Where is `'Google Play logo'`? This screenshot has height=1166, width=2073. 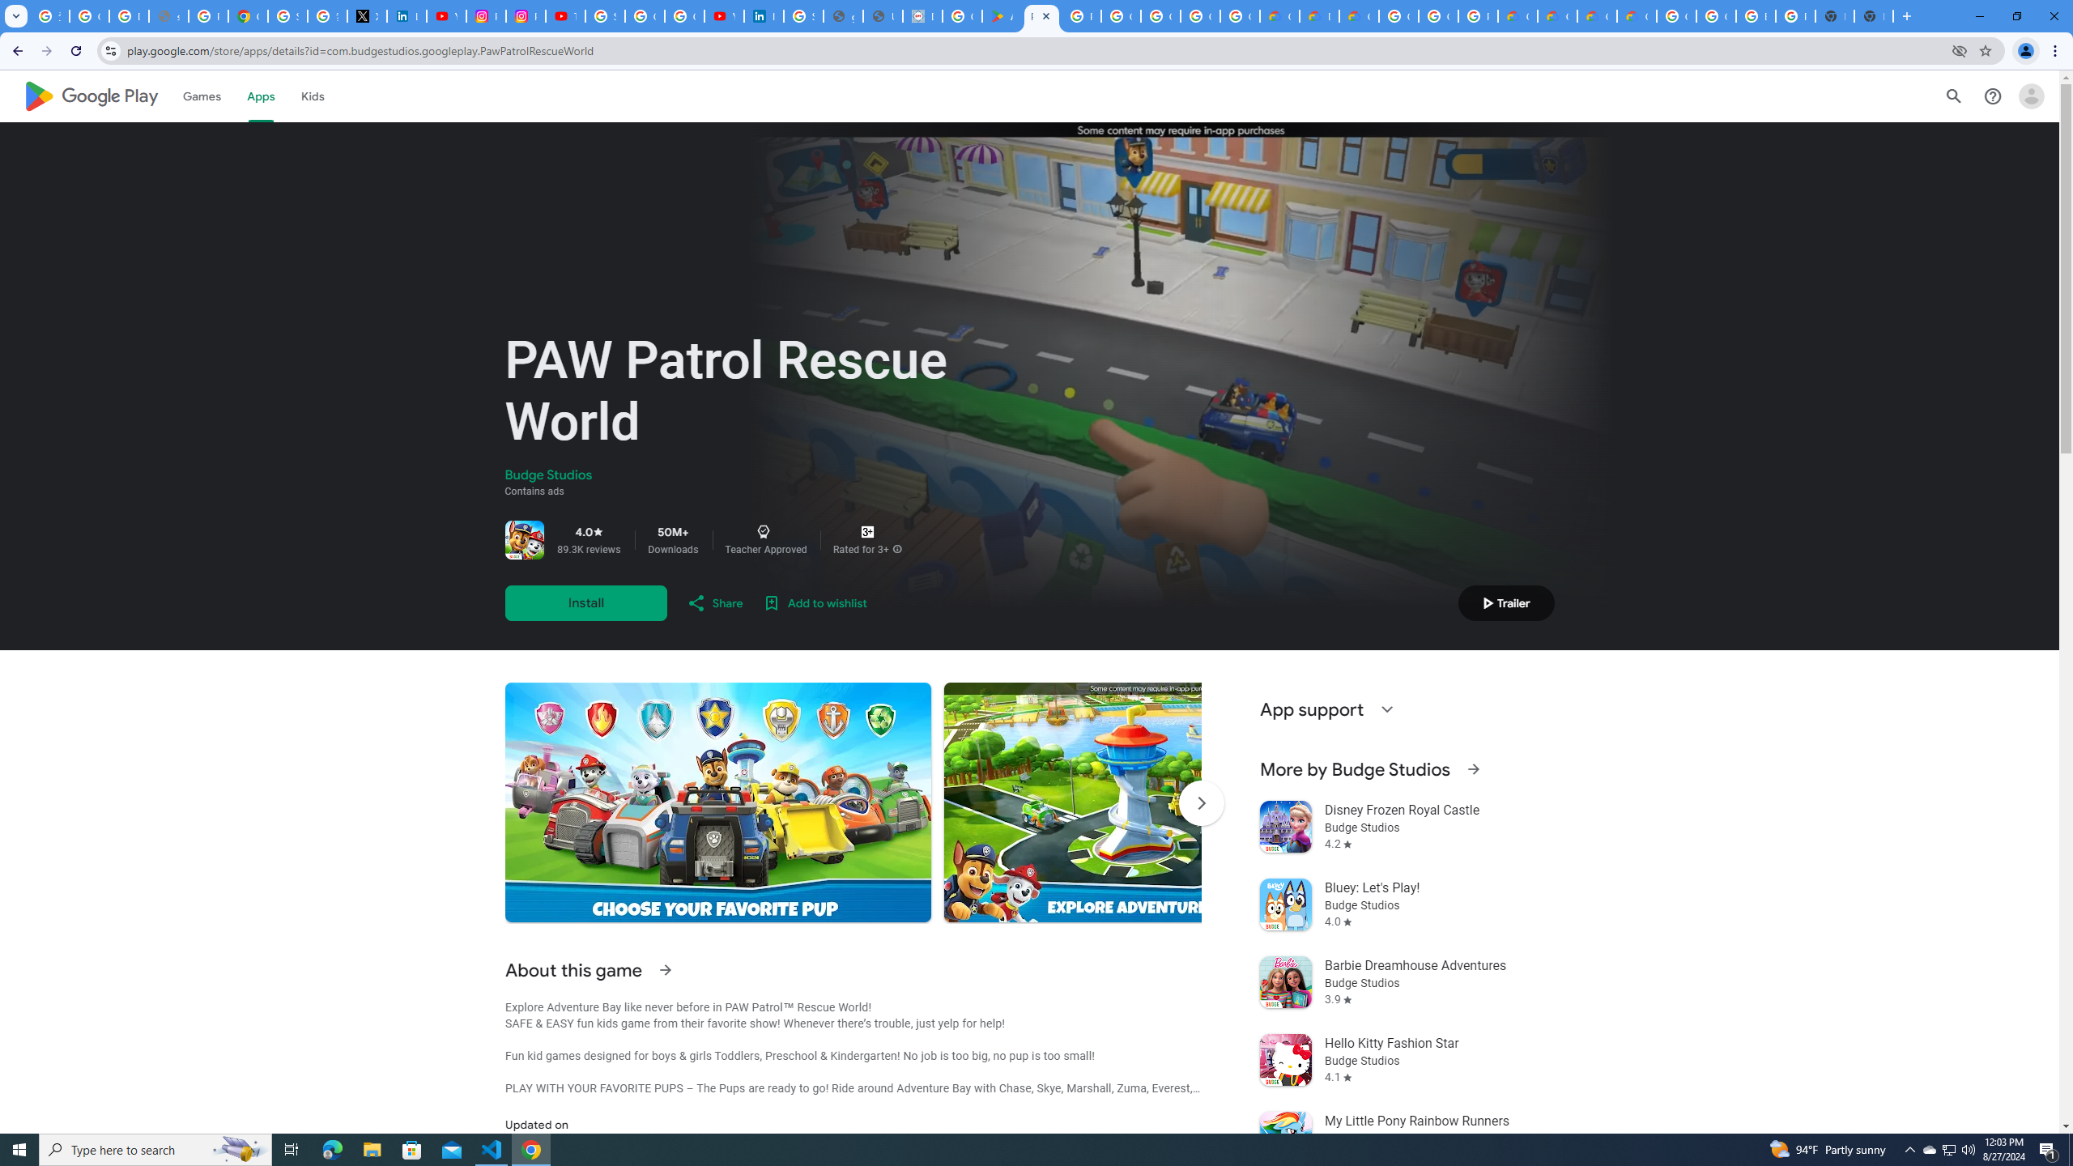
'Google Play logo' is located at coordinates (90, 96).